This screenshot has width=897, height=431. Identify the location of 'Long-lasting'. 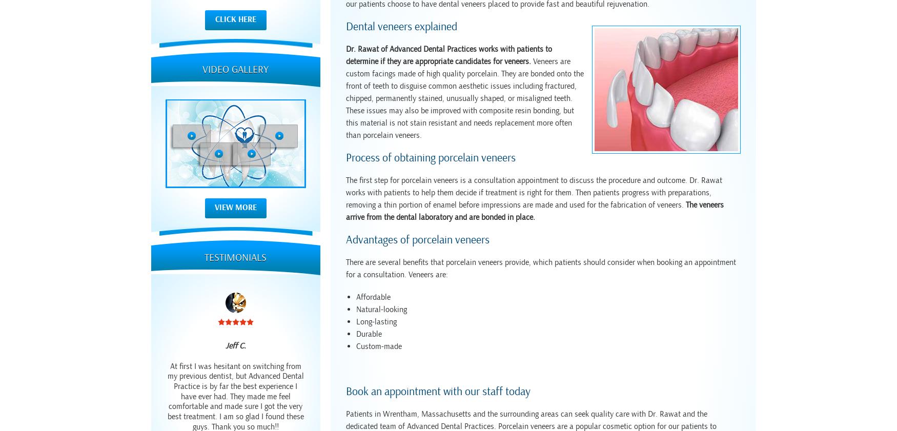
(356, 321).